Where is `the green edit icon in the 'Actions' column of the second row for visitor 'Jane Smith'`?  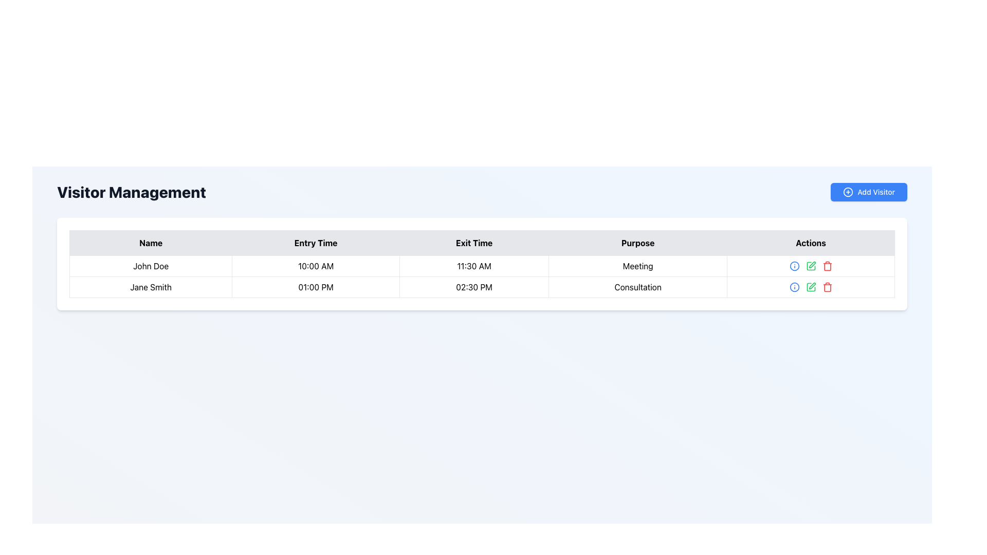
the green edit icon in the 'Actions' column of the second row for visitor 'Jane Smith' is located at coordinates (811, 286).